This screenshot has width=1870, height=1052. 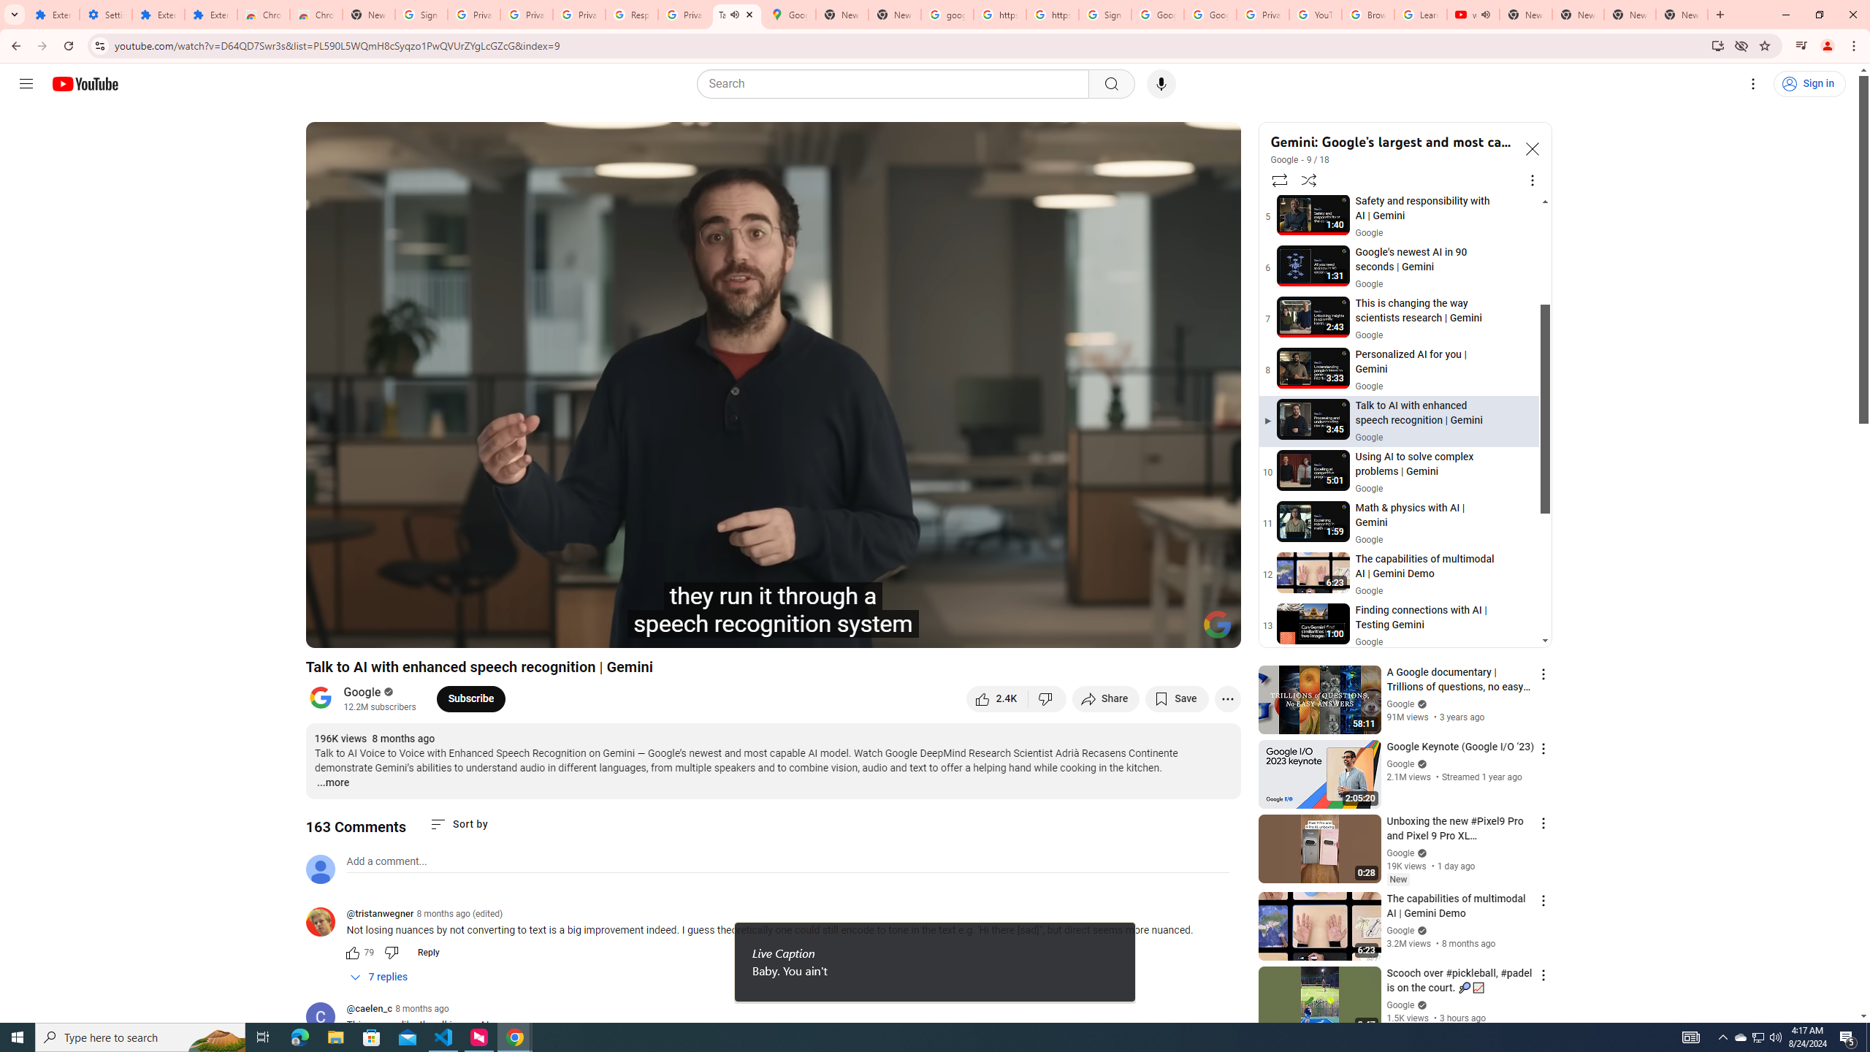 I want to click on 'Search with your voice', so click(x=1161, y=83).